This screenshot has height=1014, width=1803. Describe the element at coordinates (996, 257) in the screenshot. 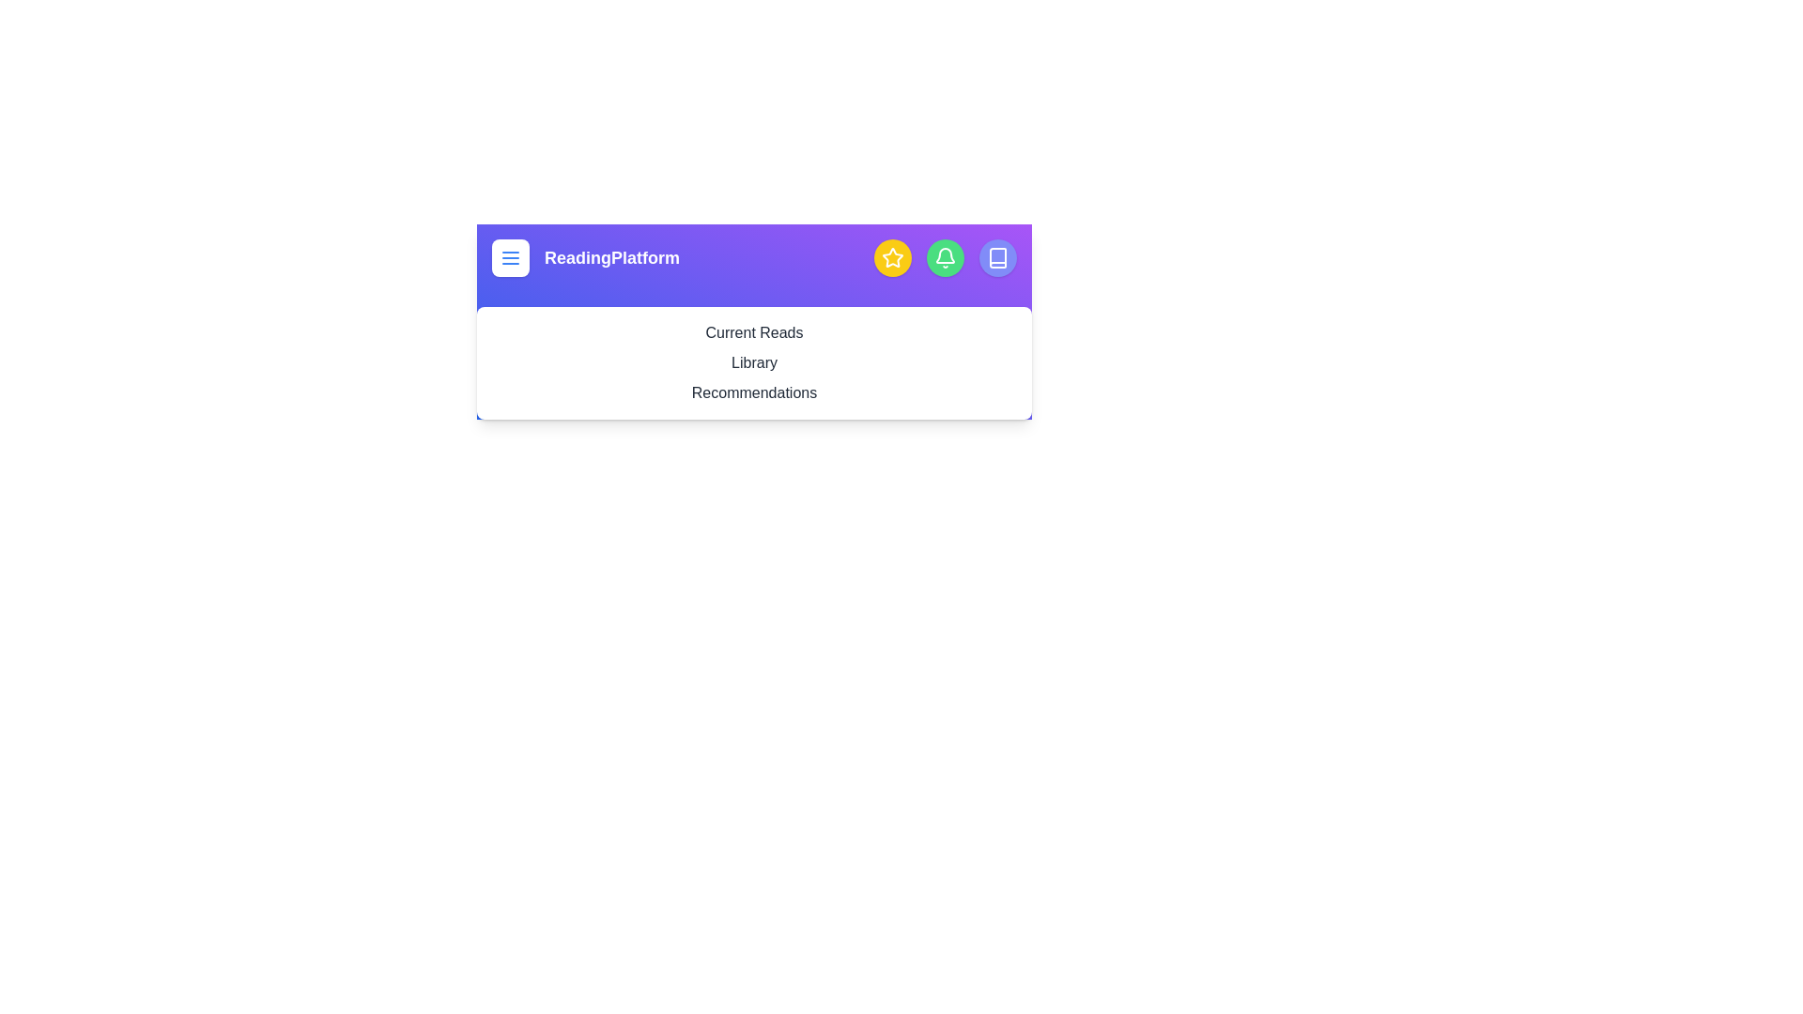

I see `the book button to access reading materials` at that location.